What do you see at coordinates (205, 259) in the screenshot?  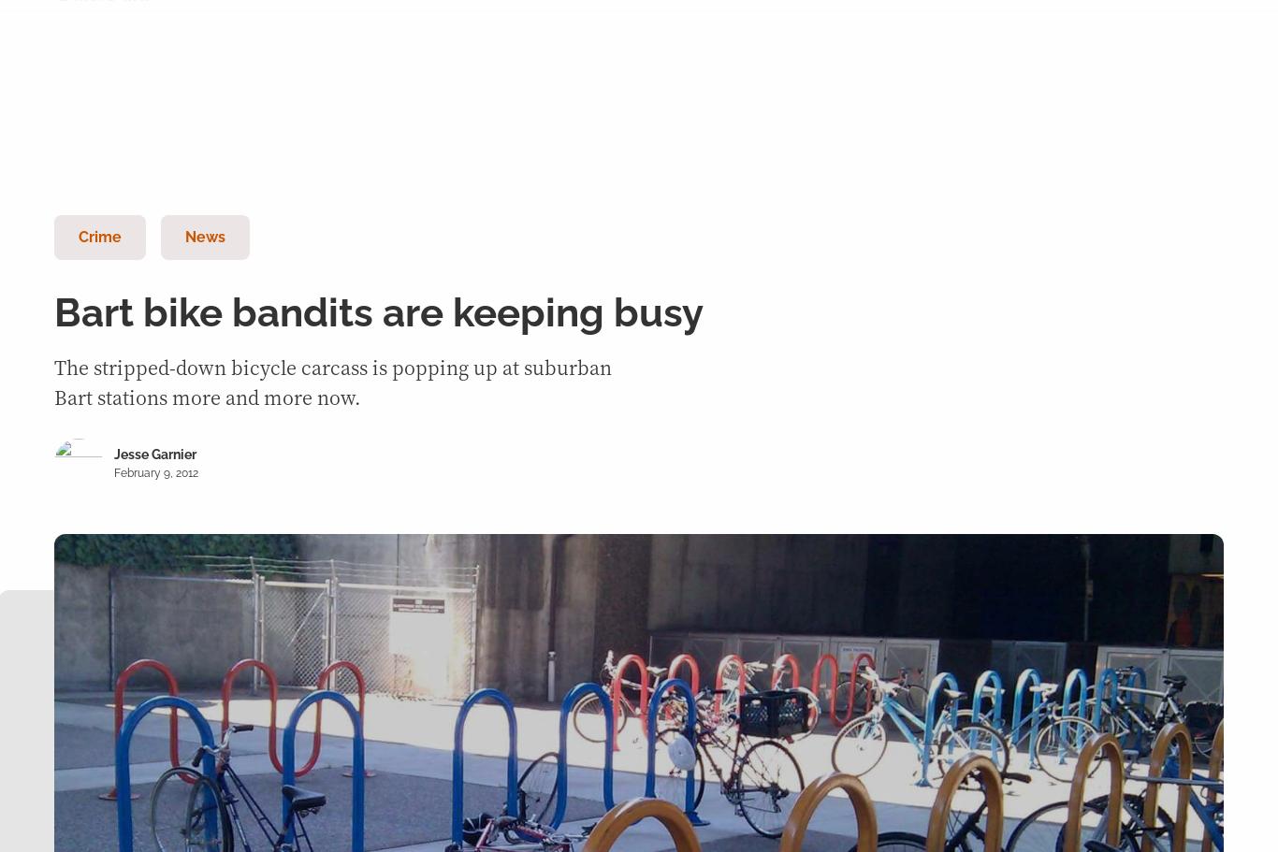 I see `'All categories'` at bounding box center [205, 259].